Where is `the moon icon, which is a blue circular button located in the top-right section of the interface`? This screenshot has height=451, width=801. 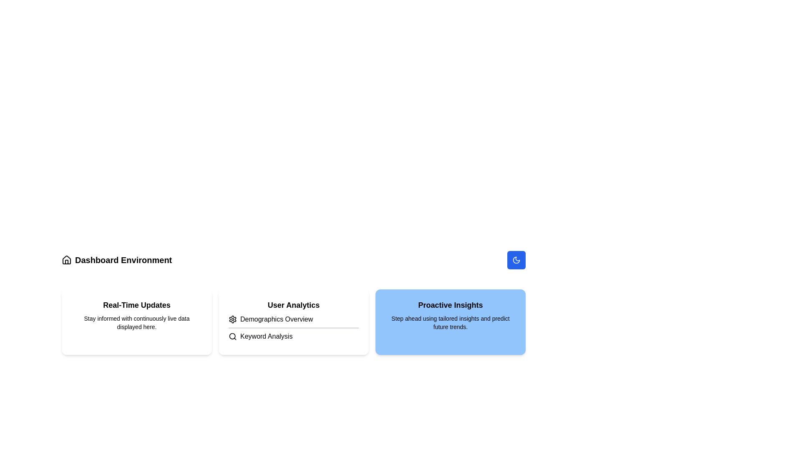
the moon icon, which is a blue circular button located in the top-right section of the interface is located at coordinates (516, 260).